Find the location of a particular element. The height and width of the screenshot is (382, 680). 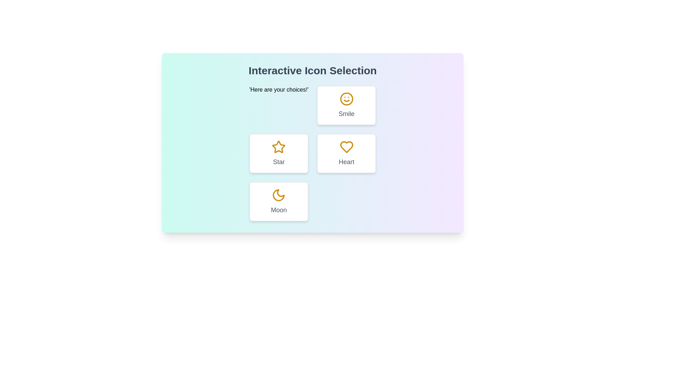

the heart icon located in the second column of the second row of selectable icons in the interface is located at coordinates (346, 147).